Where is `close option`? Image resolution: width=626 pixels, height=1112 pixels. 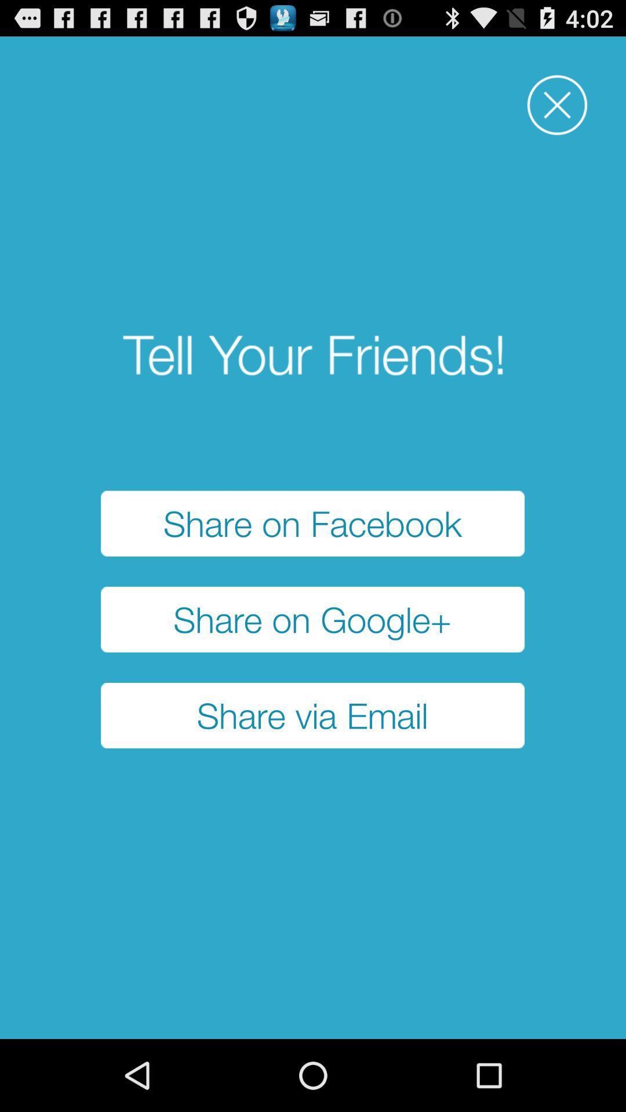 close option is located at coordinates (556, 105).